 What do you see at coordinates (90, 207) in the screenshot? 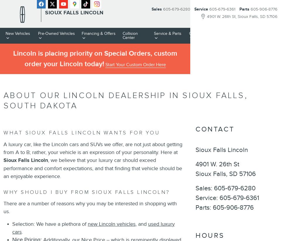
I see `'There are a number of reasons why you may be interested in shopping with us.'` at bounding box center [90, 207].